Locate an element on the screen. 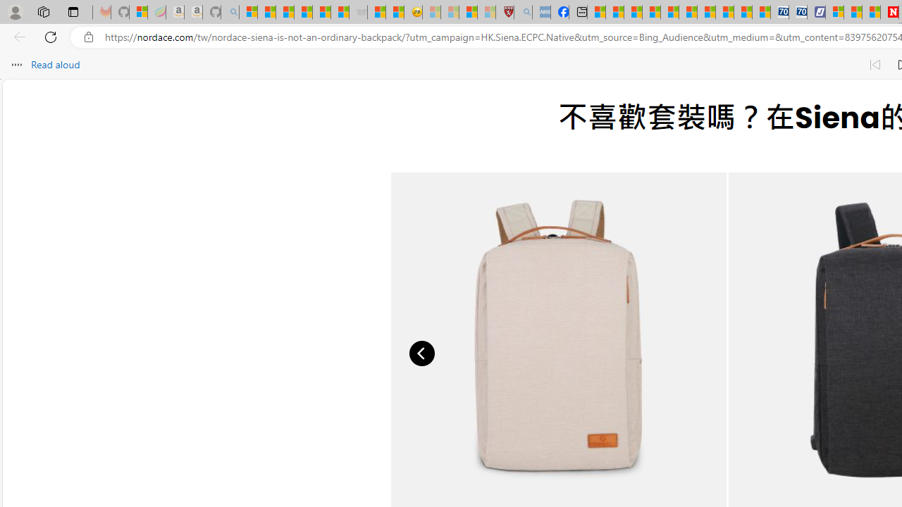  'Cheap Car Rentals - Save70.com' is located at coordinates (779, 12).